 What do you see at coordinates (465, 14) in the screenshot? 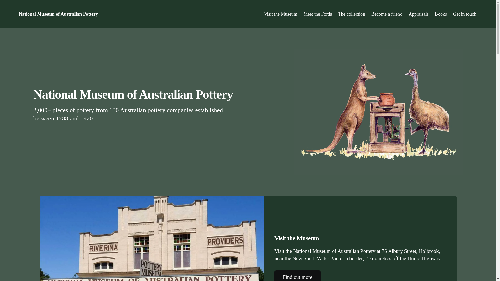
I see `'Get in touch'` at bounding box center [465, 14].